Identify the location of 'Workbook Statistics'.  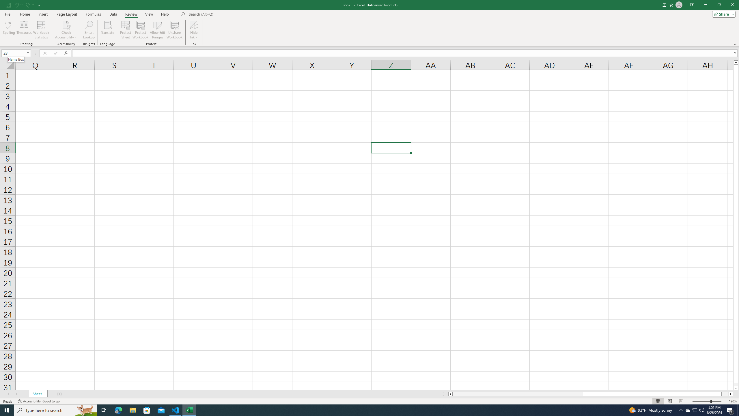
(41, 30).